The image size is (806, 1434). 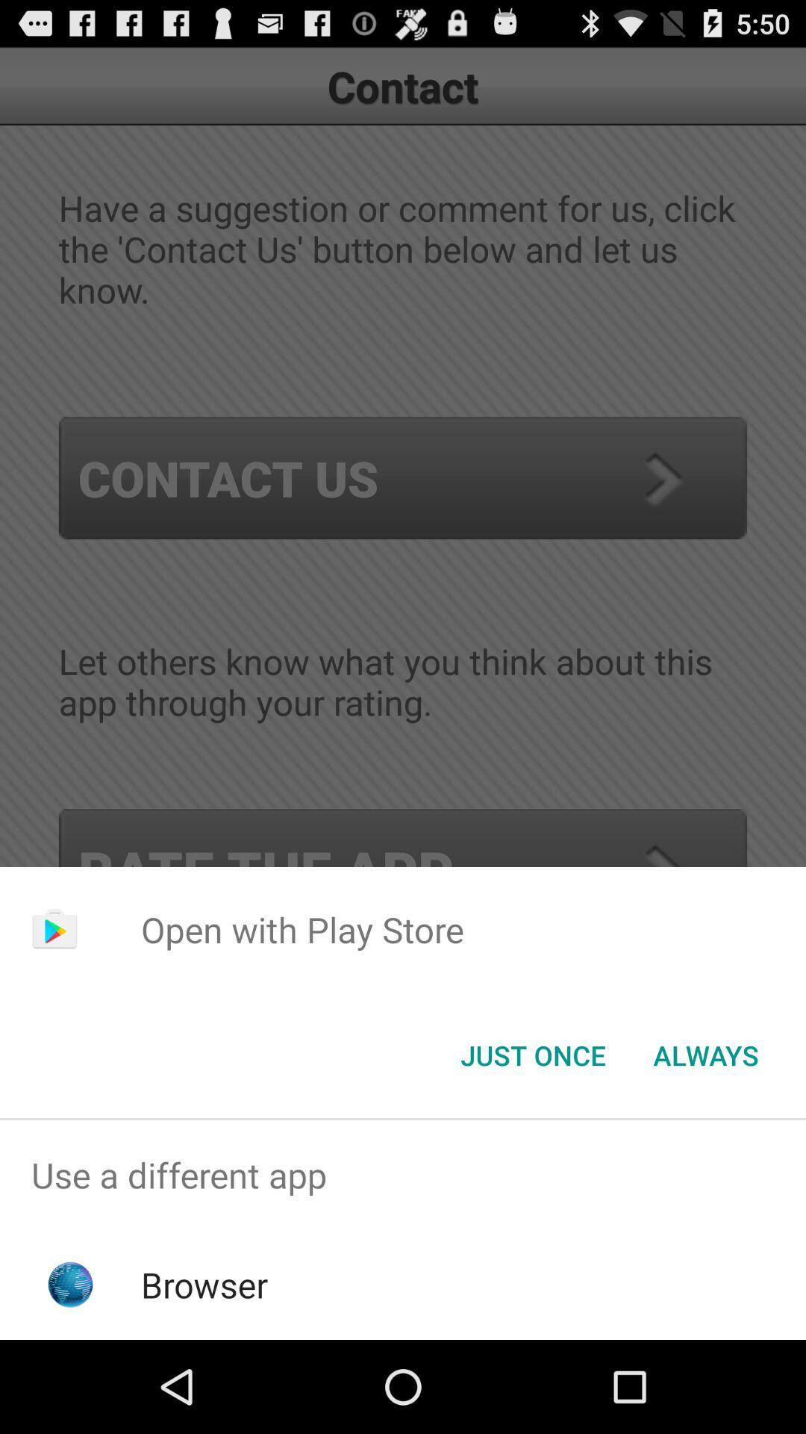 I want to click on icon below the open with play, so click(x=705, y=1054).